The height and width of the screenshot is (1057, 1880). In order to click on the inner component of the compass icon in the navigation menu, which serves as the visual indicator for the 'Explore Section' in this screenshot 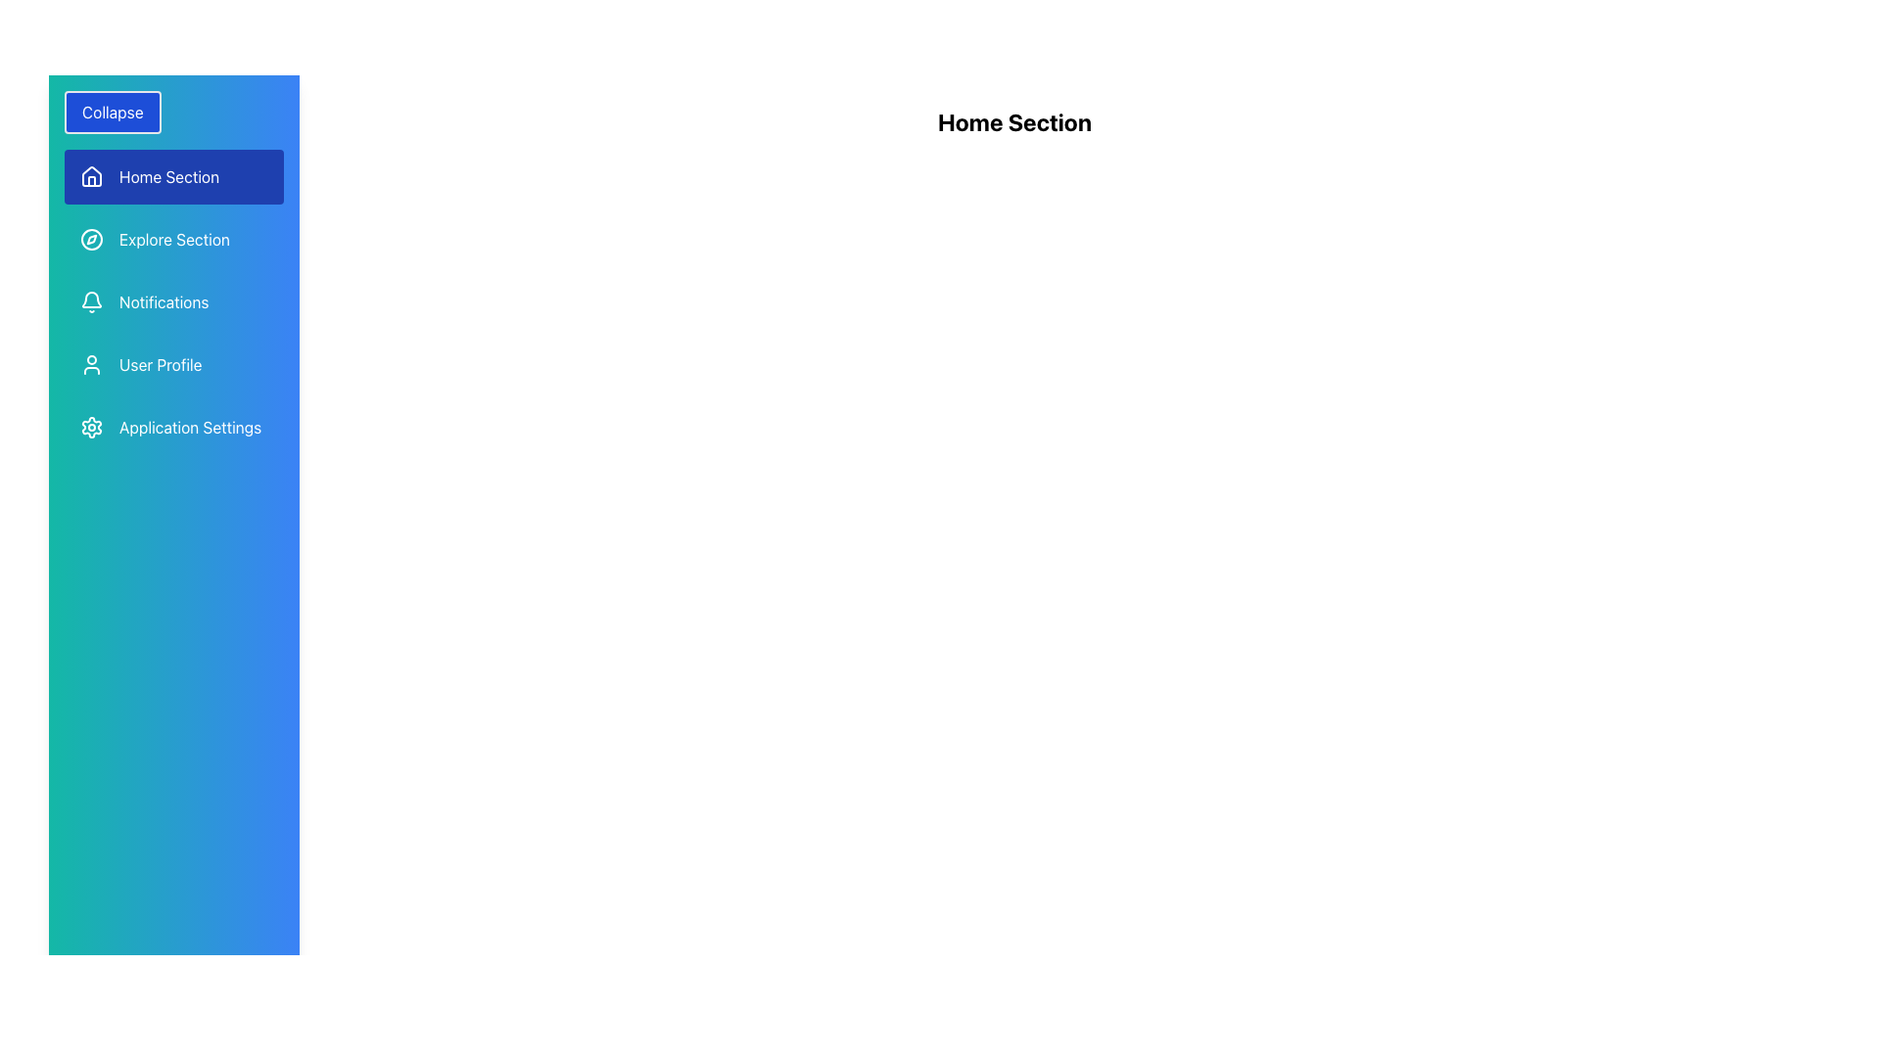, I will do `click(91, 239)`.